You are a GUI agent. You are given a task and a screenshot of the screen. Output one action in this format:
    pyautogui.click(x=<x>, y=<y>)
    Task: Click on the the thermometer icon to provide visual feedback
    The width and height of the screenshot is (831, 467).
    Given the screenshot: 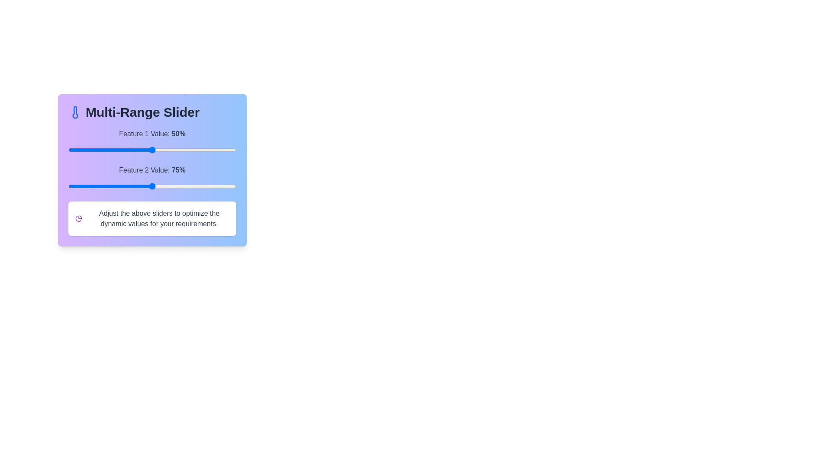 What is the action you would take?
    pyautogui.click(x=75, y=112)
    